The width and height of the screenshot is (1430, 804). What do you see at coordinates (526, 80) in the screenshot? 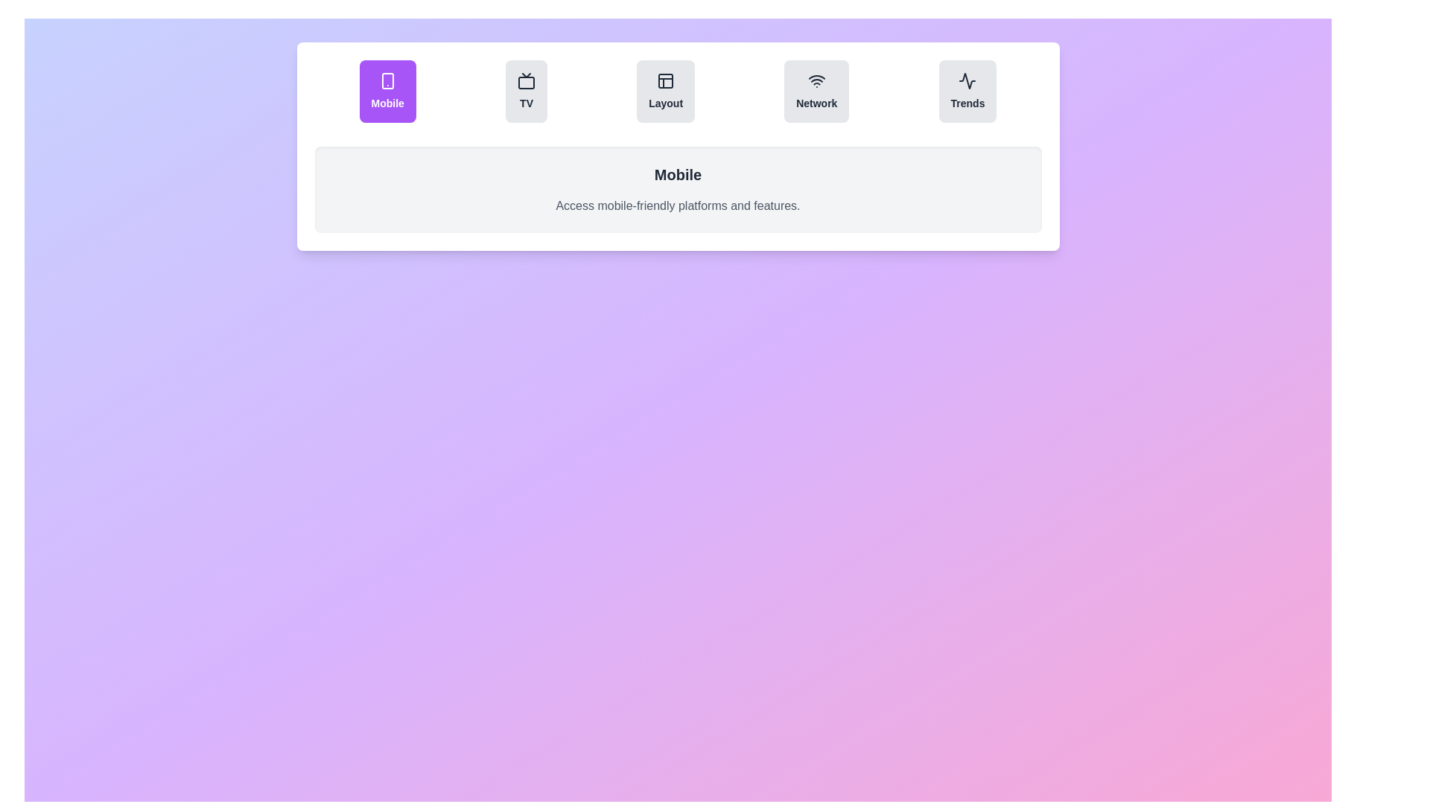
I see `the 'TV' menu icon located in the top-center navigation interface, which is the second item in a horizontally-arranged menu` at bounding box center [526, 80].